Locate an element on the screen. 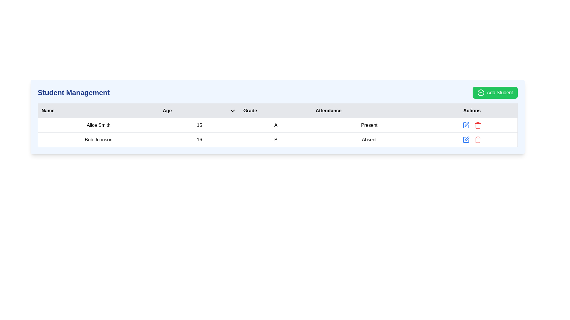 This screenshot has height=320, width=570. the text display element showing the name 'Alice Smith' in the first row of the table under the 'Name' column is located at coordinates (98, 125).